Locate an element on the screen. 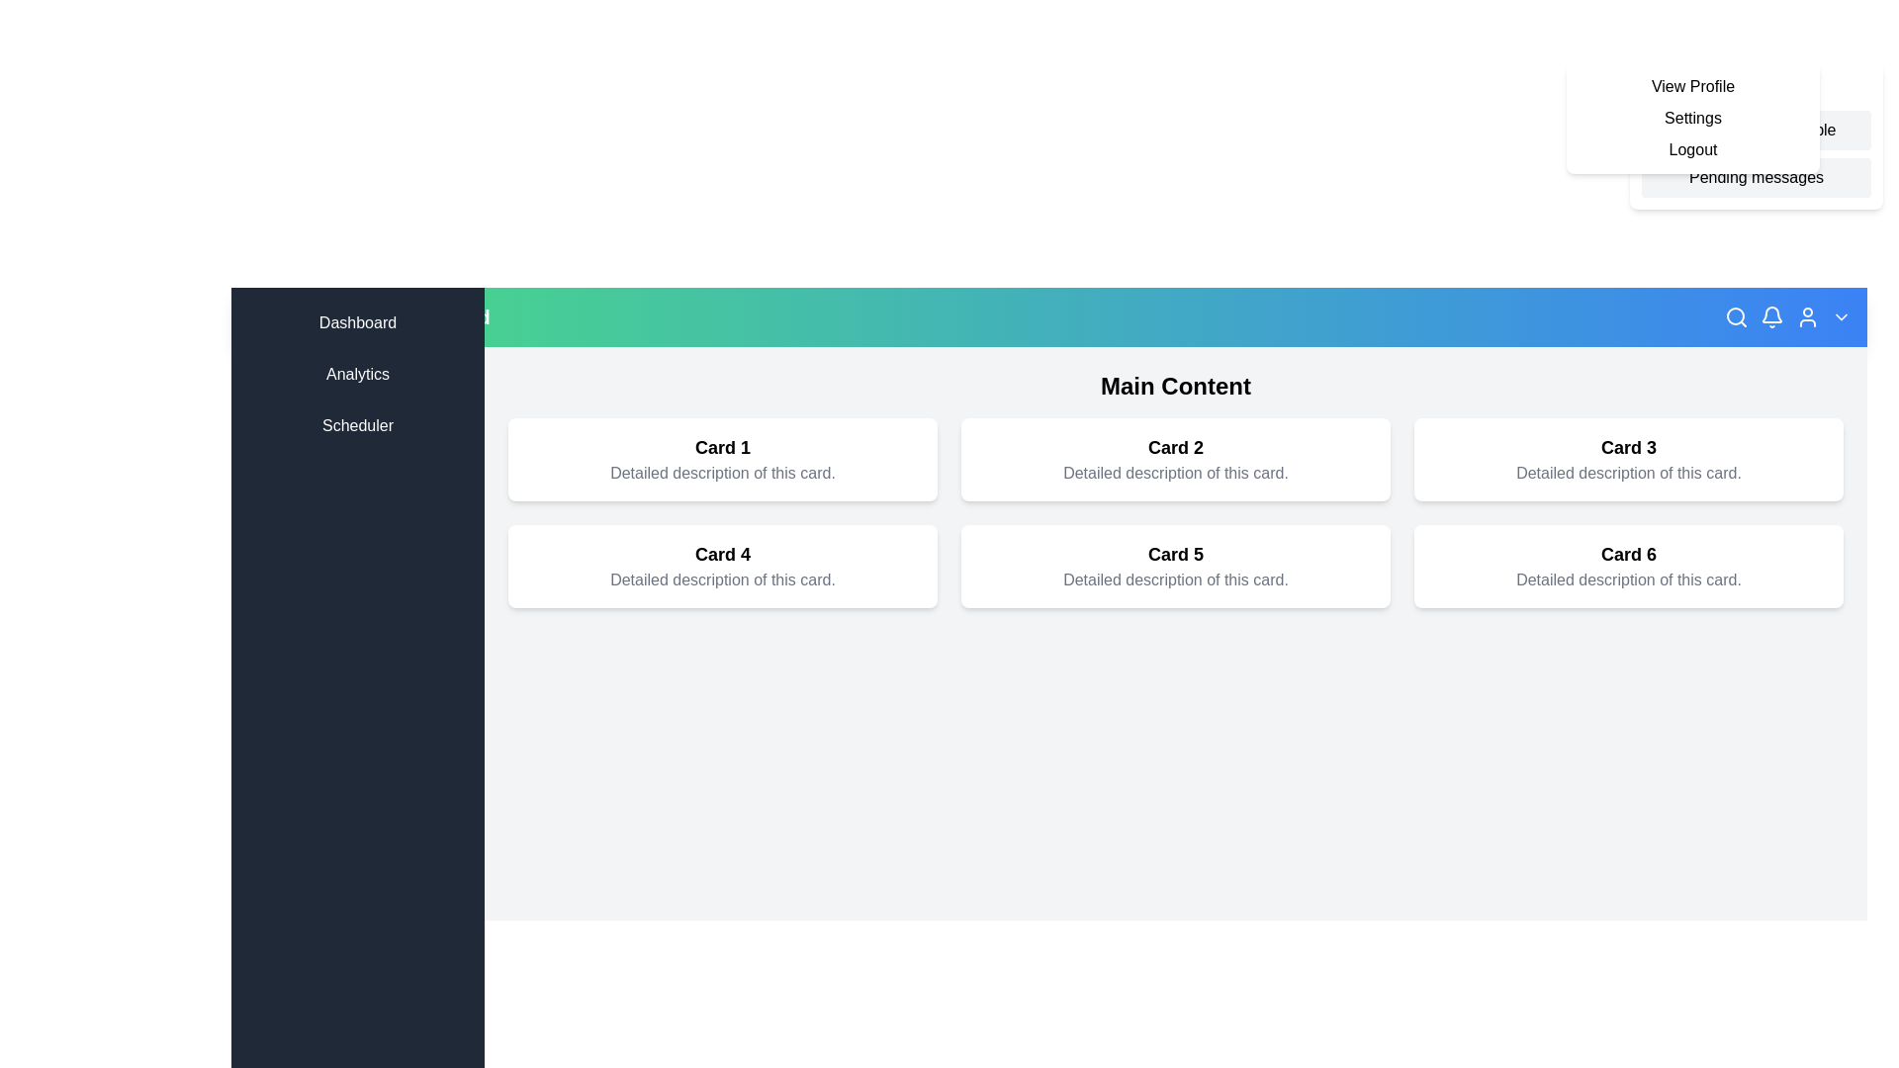 The width and height of the screenshot is (1899, 1068). the blue bell icon button located at the top-right corner of the application header to interact with notifications is located at coordinates (1771, 315).